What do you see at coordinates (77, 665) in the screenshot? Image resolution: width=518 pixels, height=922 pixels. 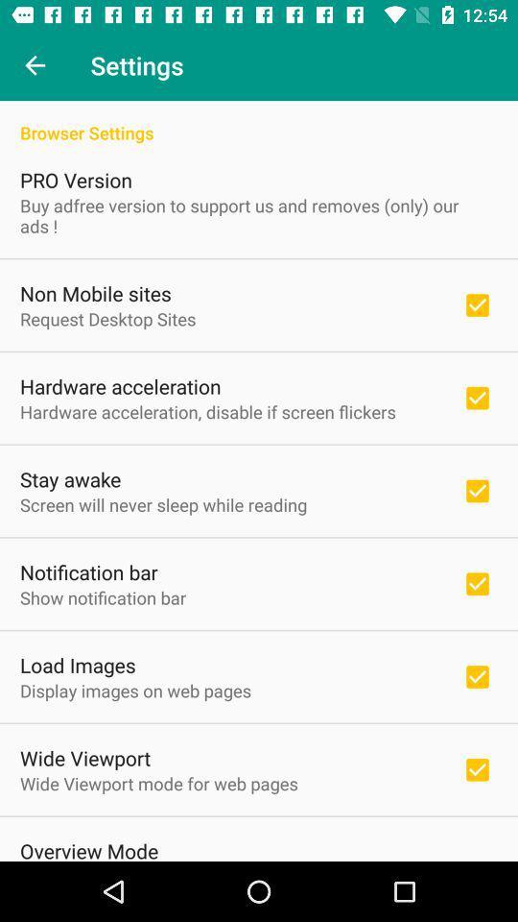 I see `the icon above the display images on` at bounding box center [77, 665].